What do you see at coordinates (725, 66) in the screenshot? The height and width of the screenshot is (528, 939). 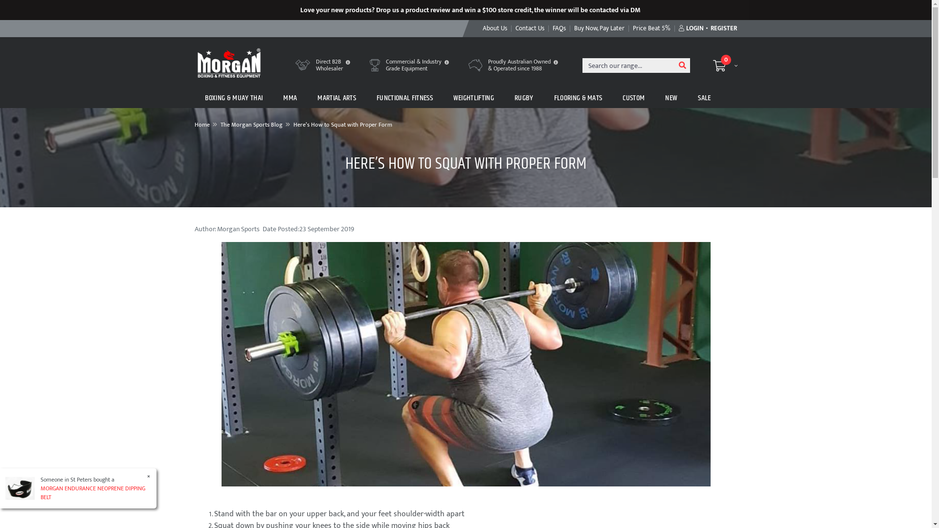 I see `'0'` at bounding box center [725, 66].